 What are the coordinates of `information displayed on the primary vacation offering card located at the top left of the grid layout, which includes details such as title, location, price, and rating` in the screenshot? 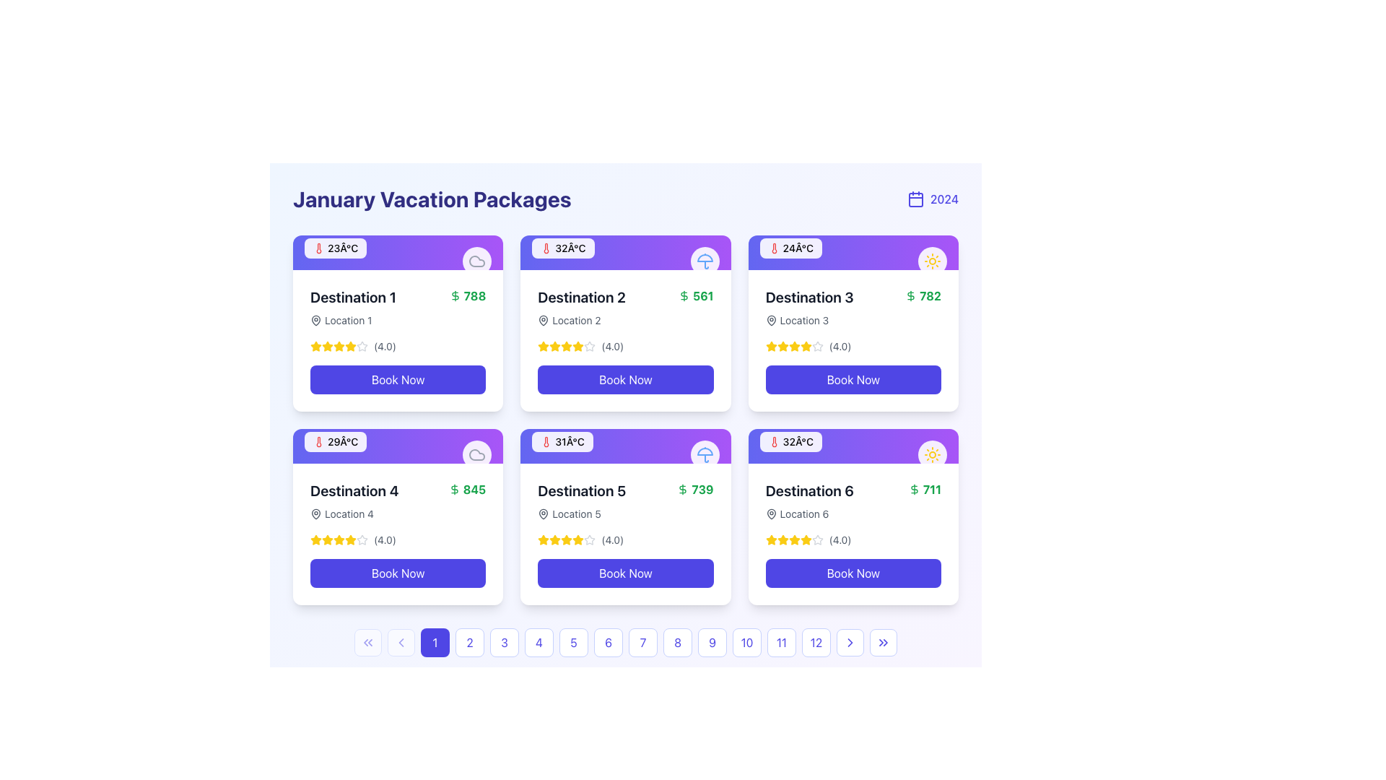 It's located at (398, 340).